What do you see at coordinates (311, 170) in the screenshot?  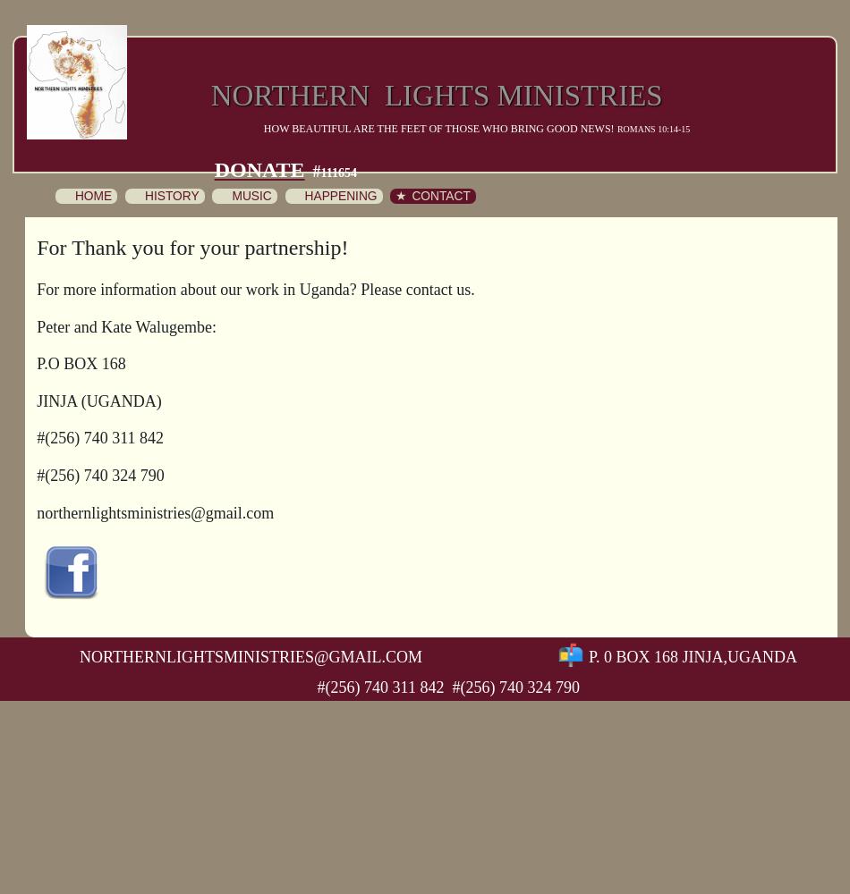 I see `'#'` at bounding box center [311, 170].